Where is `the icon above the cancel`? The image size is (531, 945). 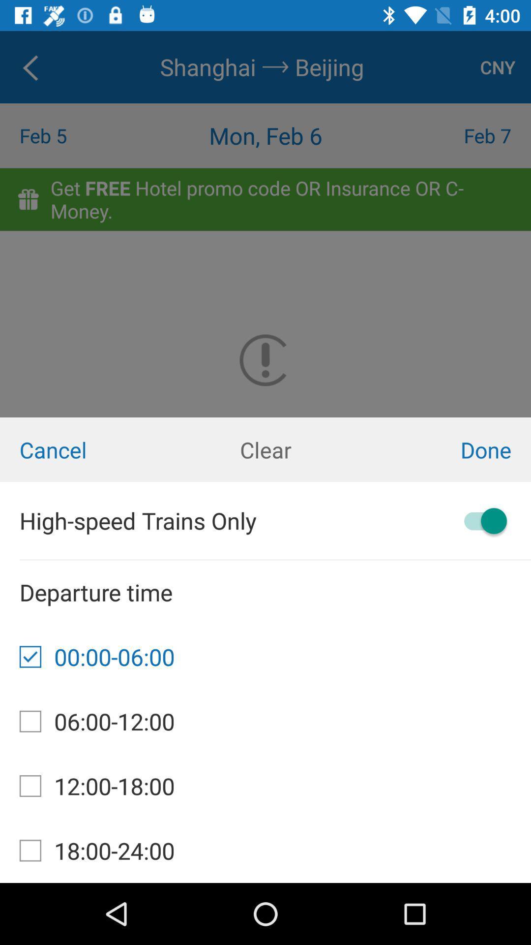 the icon above the cancel is located at coordinates (265, 223).